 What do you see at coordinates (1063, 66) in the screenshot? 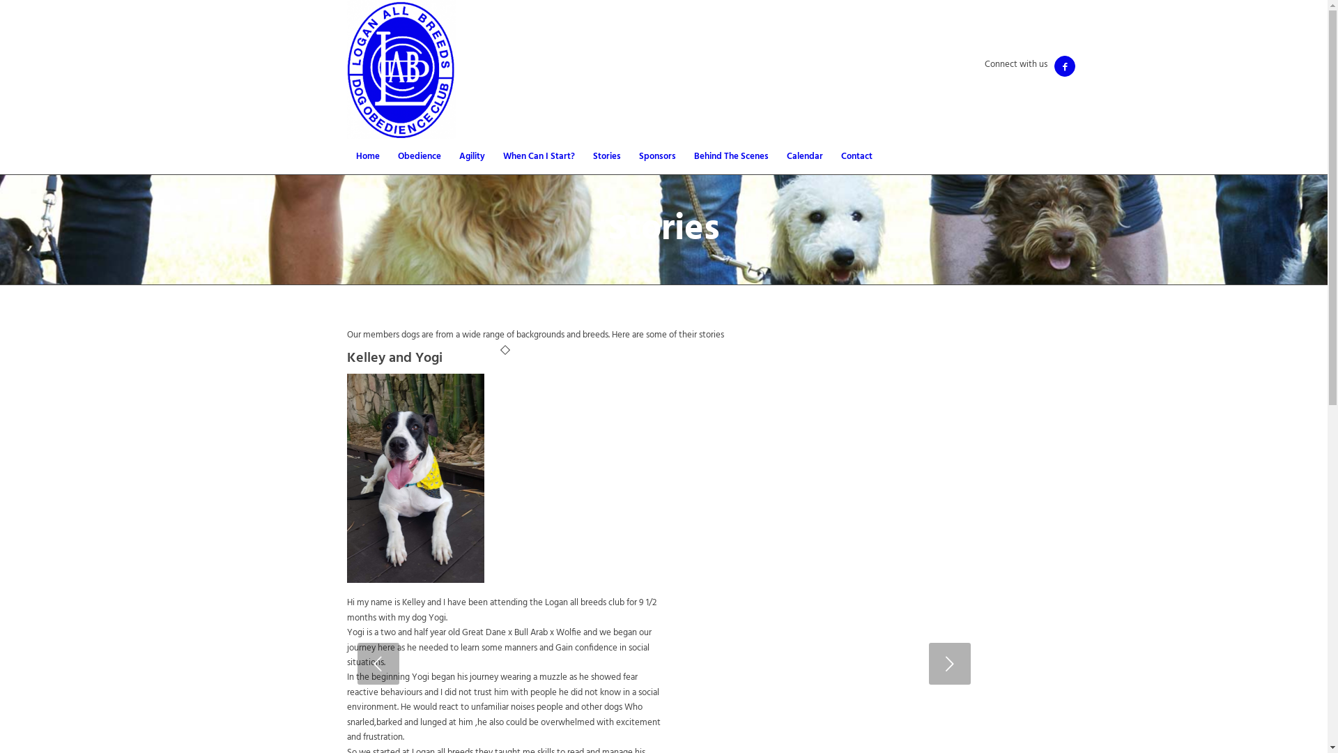
I see `'Facebook'` at bounding box center [1063, 66].